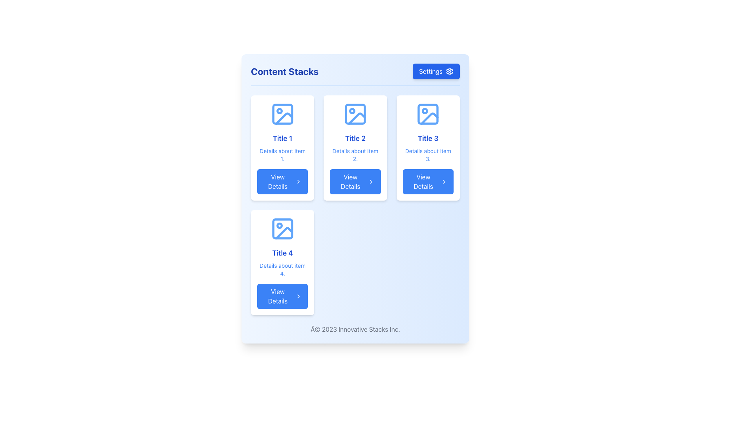  I want to click on the 'View Details' button, which is the third button beneath the 'Content Stacks' section, styled with a blue background and white text, so click(427, 181).